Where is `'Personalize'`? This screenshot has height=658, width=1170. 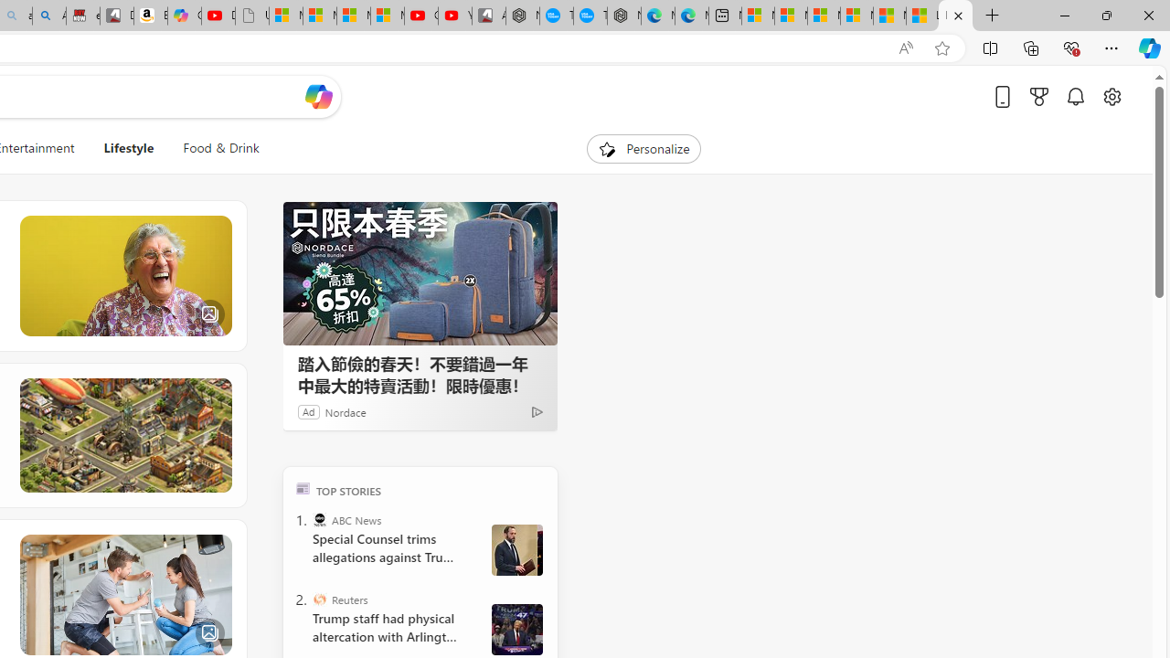
'Personalize' is located at coordinates (643, 148).